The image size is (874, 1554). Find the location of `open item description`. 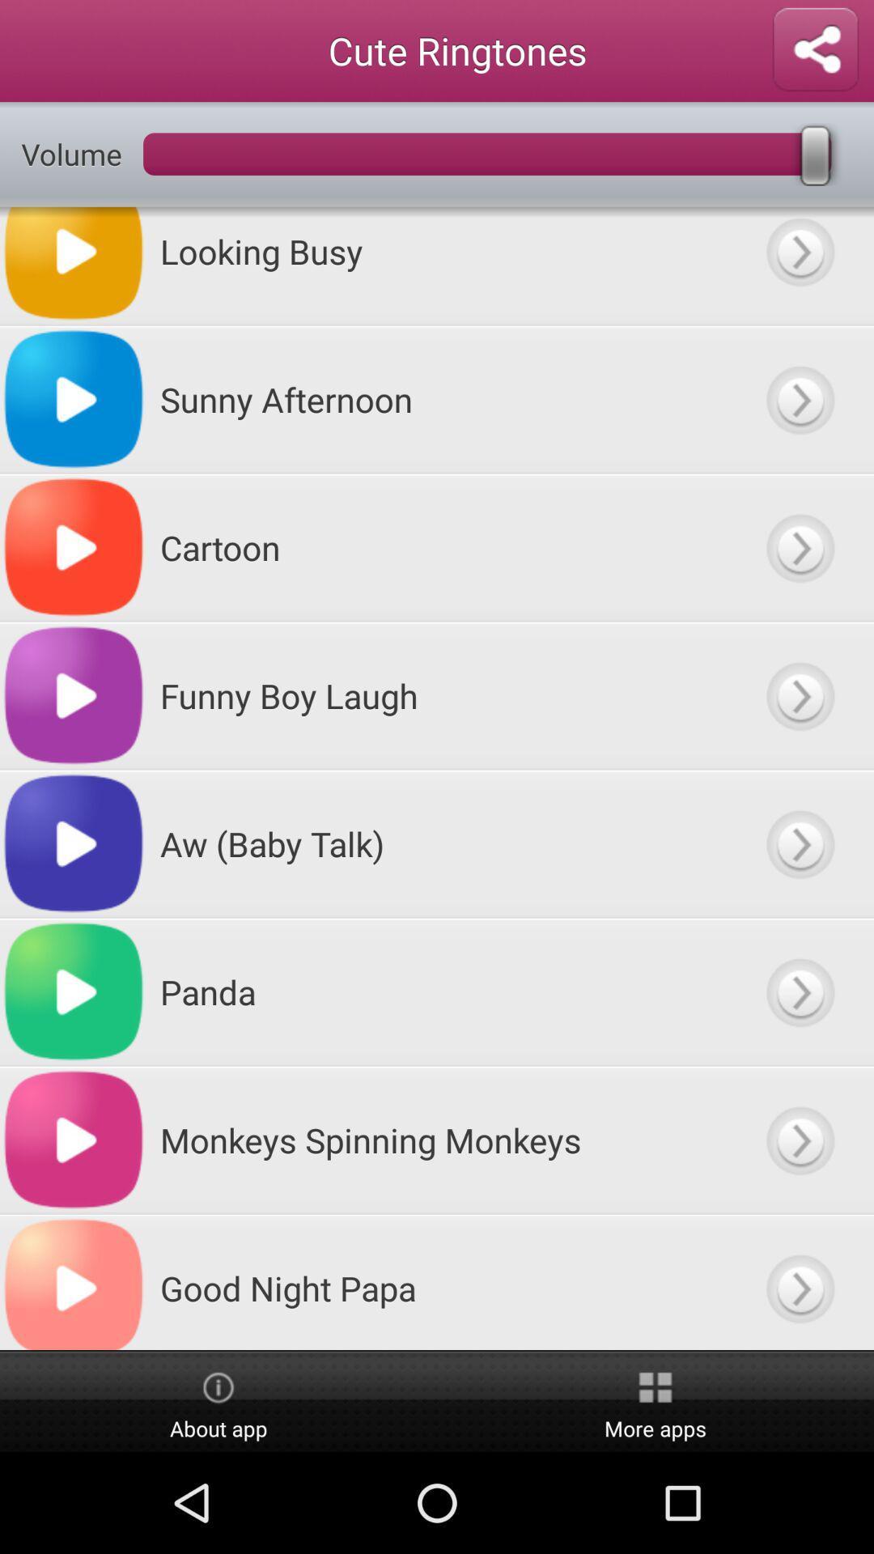

open item description is located at coordinates (799, 695).